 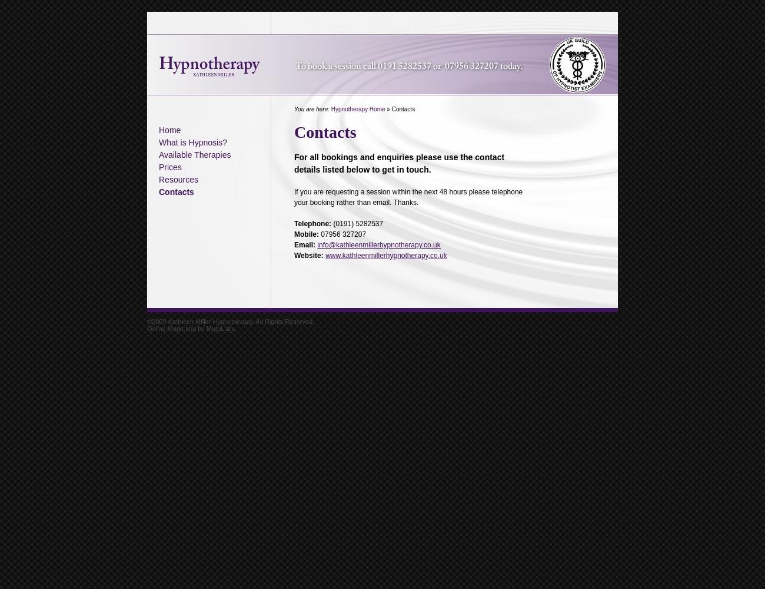 What do you see at coordinates (169, 130) in the screenshot?
I see `'Home'` at bounding box center [169, 130].